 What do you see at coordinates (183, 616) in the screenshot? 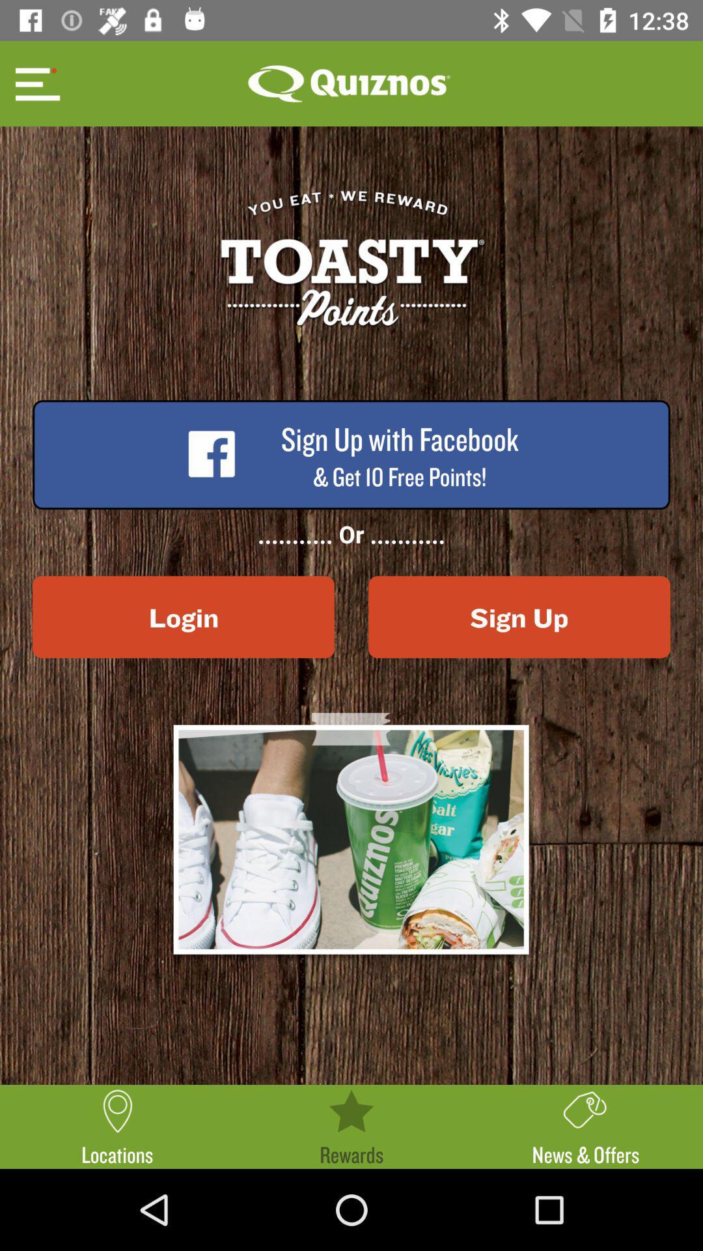
I see `the login icon` at bounding box center [183, 616].